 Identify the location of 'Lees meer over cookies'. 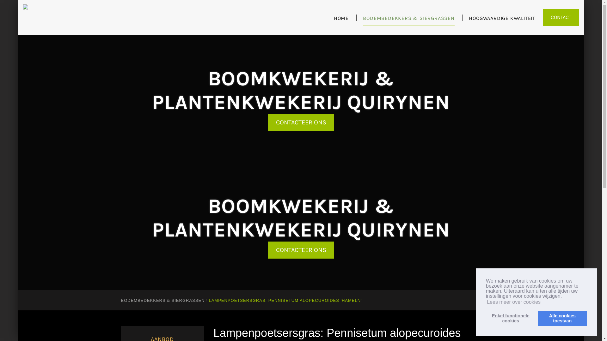
(514, 302).